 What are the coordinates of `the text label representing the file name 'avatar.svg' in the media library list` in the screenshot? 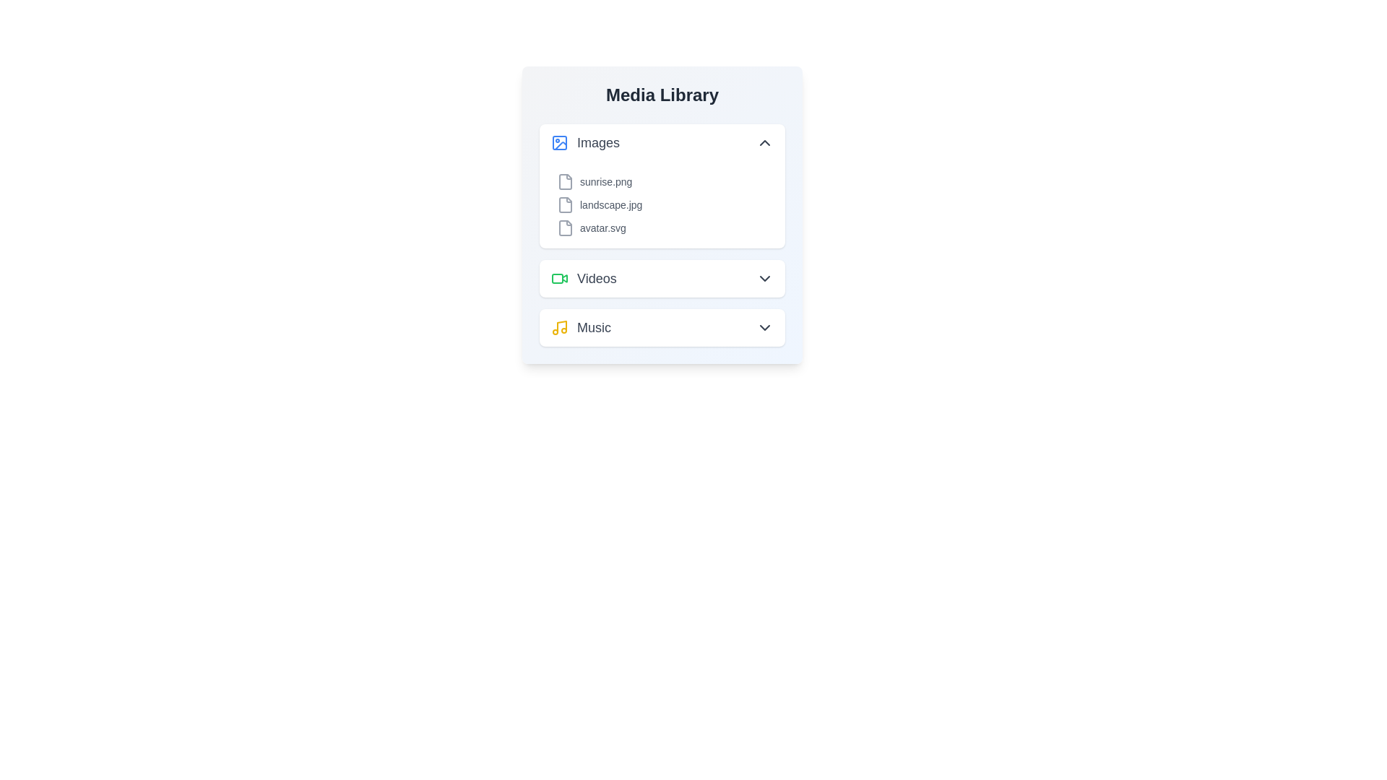 It's located at (602, 227).